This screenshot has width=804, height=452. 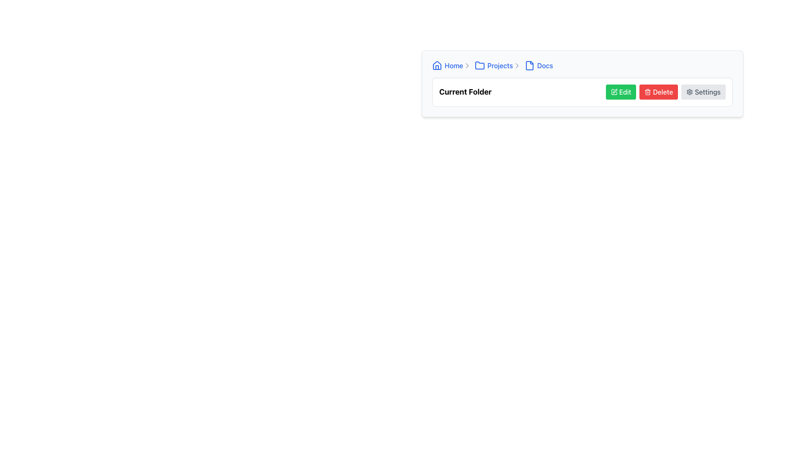 What do you see at coordinates (529, 65) in the screenshot?
I see `the 'Docs' icon in the breadcrumb navigation area, which symbolically represents the 'Docs' section and is positioned adjacent to the text 'Docs'` at bounding box center [529, 65].